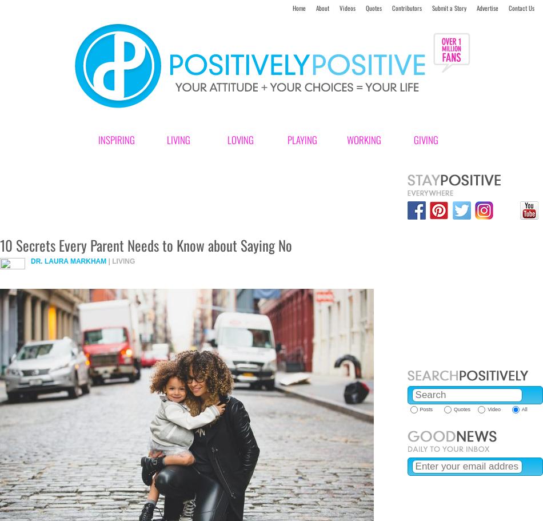 This screenshot has width=543, height=521. Describe the element at coordinates (521, 8) in the screenshot. I see `'Contact Us'` at that location.